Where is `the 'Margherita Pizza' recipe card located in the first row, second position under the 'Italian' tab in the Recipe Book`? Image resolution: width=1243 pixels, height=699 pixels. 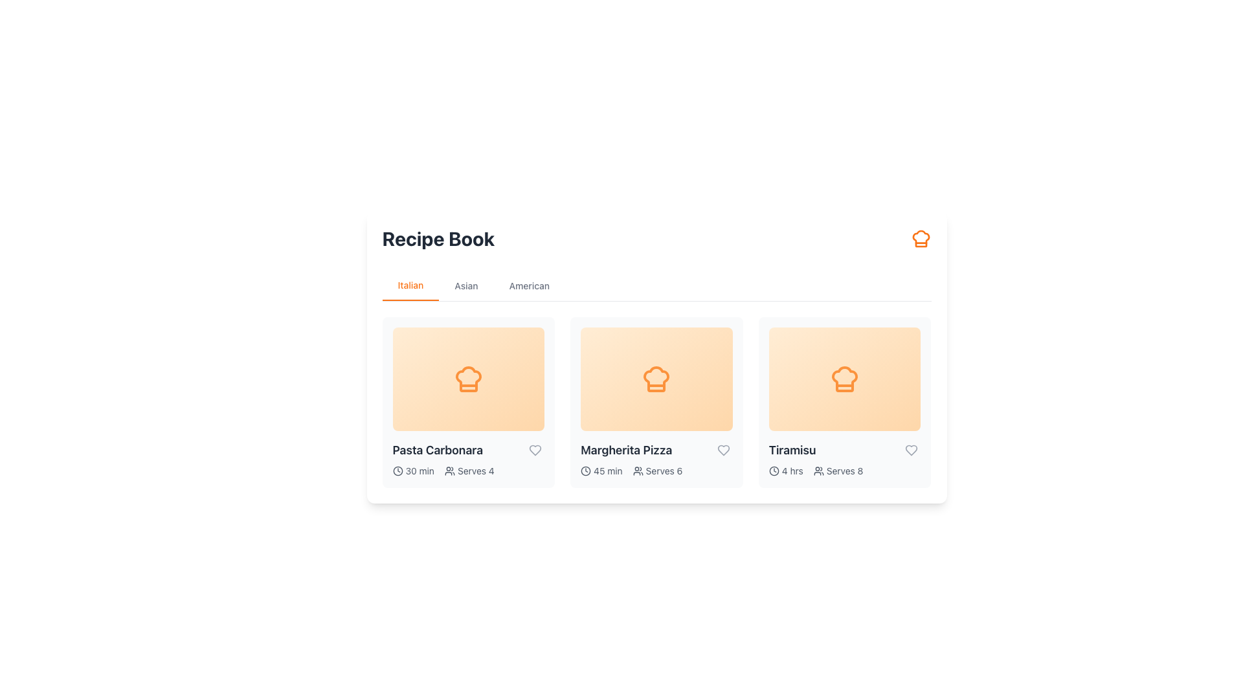
the 'Margherita Pizza' recipe card located in the first row, second position under the 'Italian' tab in the Recipe Book is located at coordinates (656, 379).